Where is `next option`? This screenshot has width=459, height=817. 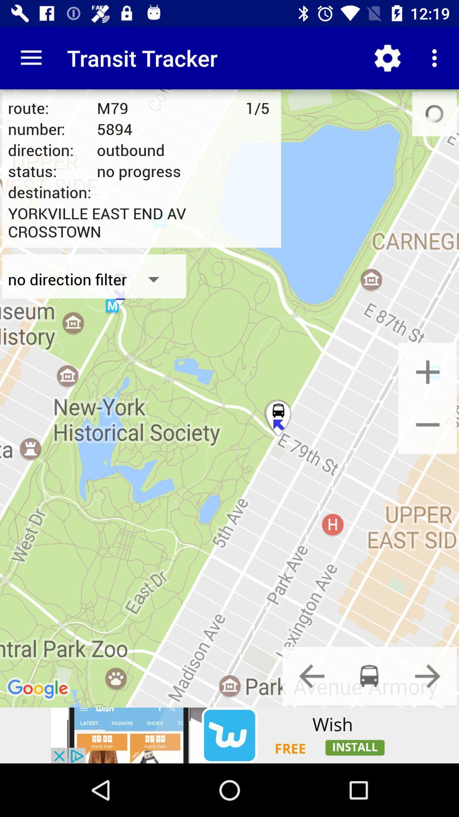 next option is located at coordinates (428, 675).